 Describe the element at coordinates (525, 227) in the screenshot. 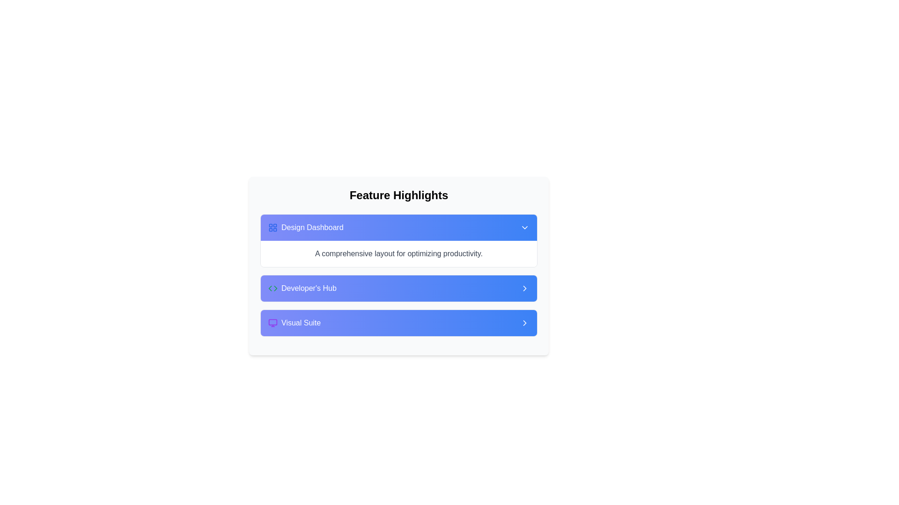

I see `the dropdown icon located to the right of the 'Design Dashboard' header` at that location.